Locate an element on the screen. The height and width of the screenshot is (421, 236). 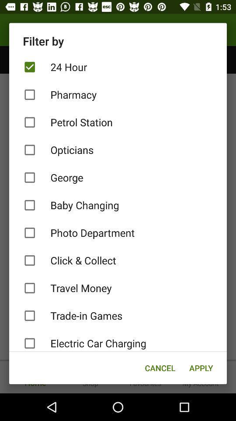
the travel money icon is located at coordinates (118, 288).